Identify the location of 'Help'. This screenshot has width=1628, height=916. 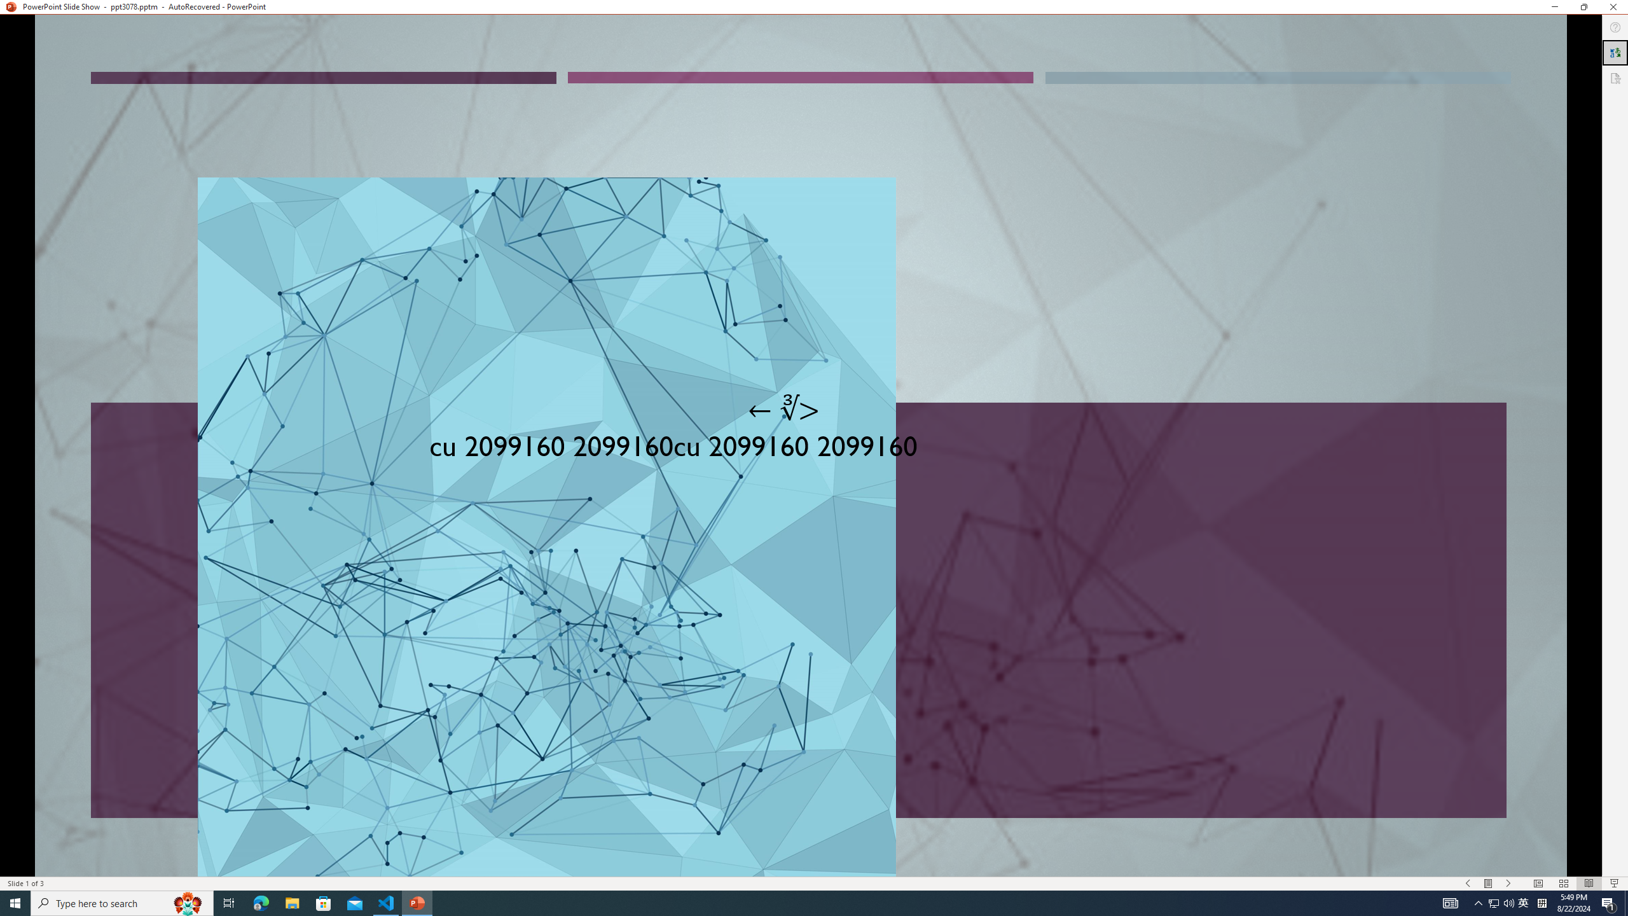
(1615, 27).